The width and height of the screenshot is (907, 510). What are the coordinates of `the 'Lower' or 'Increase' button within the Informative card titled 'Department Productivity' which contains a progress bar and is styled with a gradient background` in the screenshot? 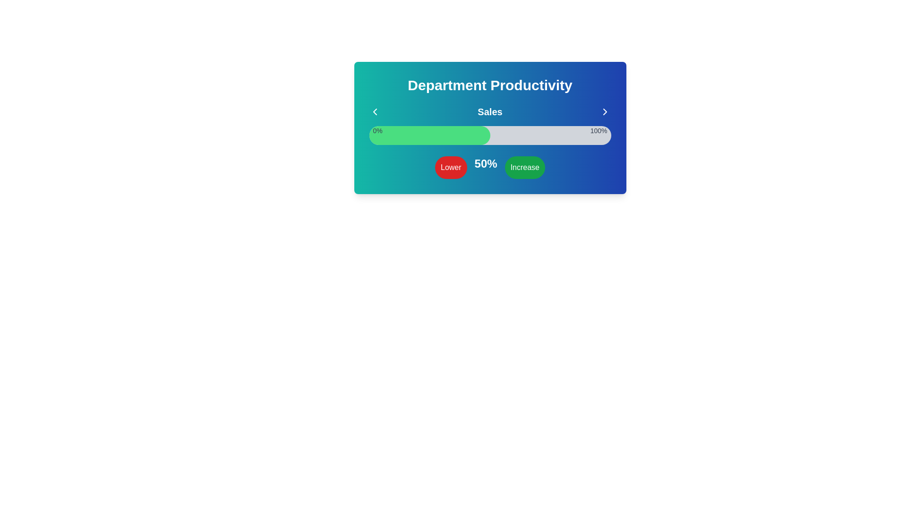 It's located at (490, 127).